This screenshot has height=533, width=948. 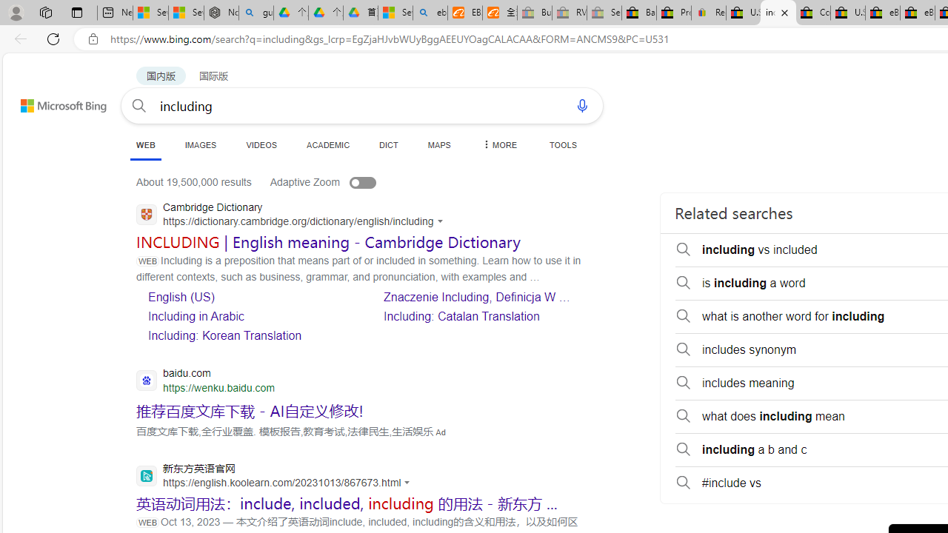 I want to click on 'Back to Bing search', so click(x=54, y=101).